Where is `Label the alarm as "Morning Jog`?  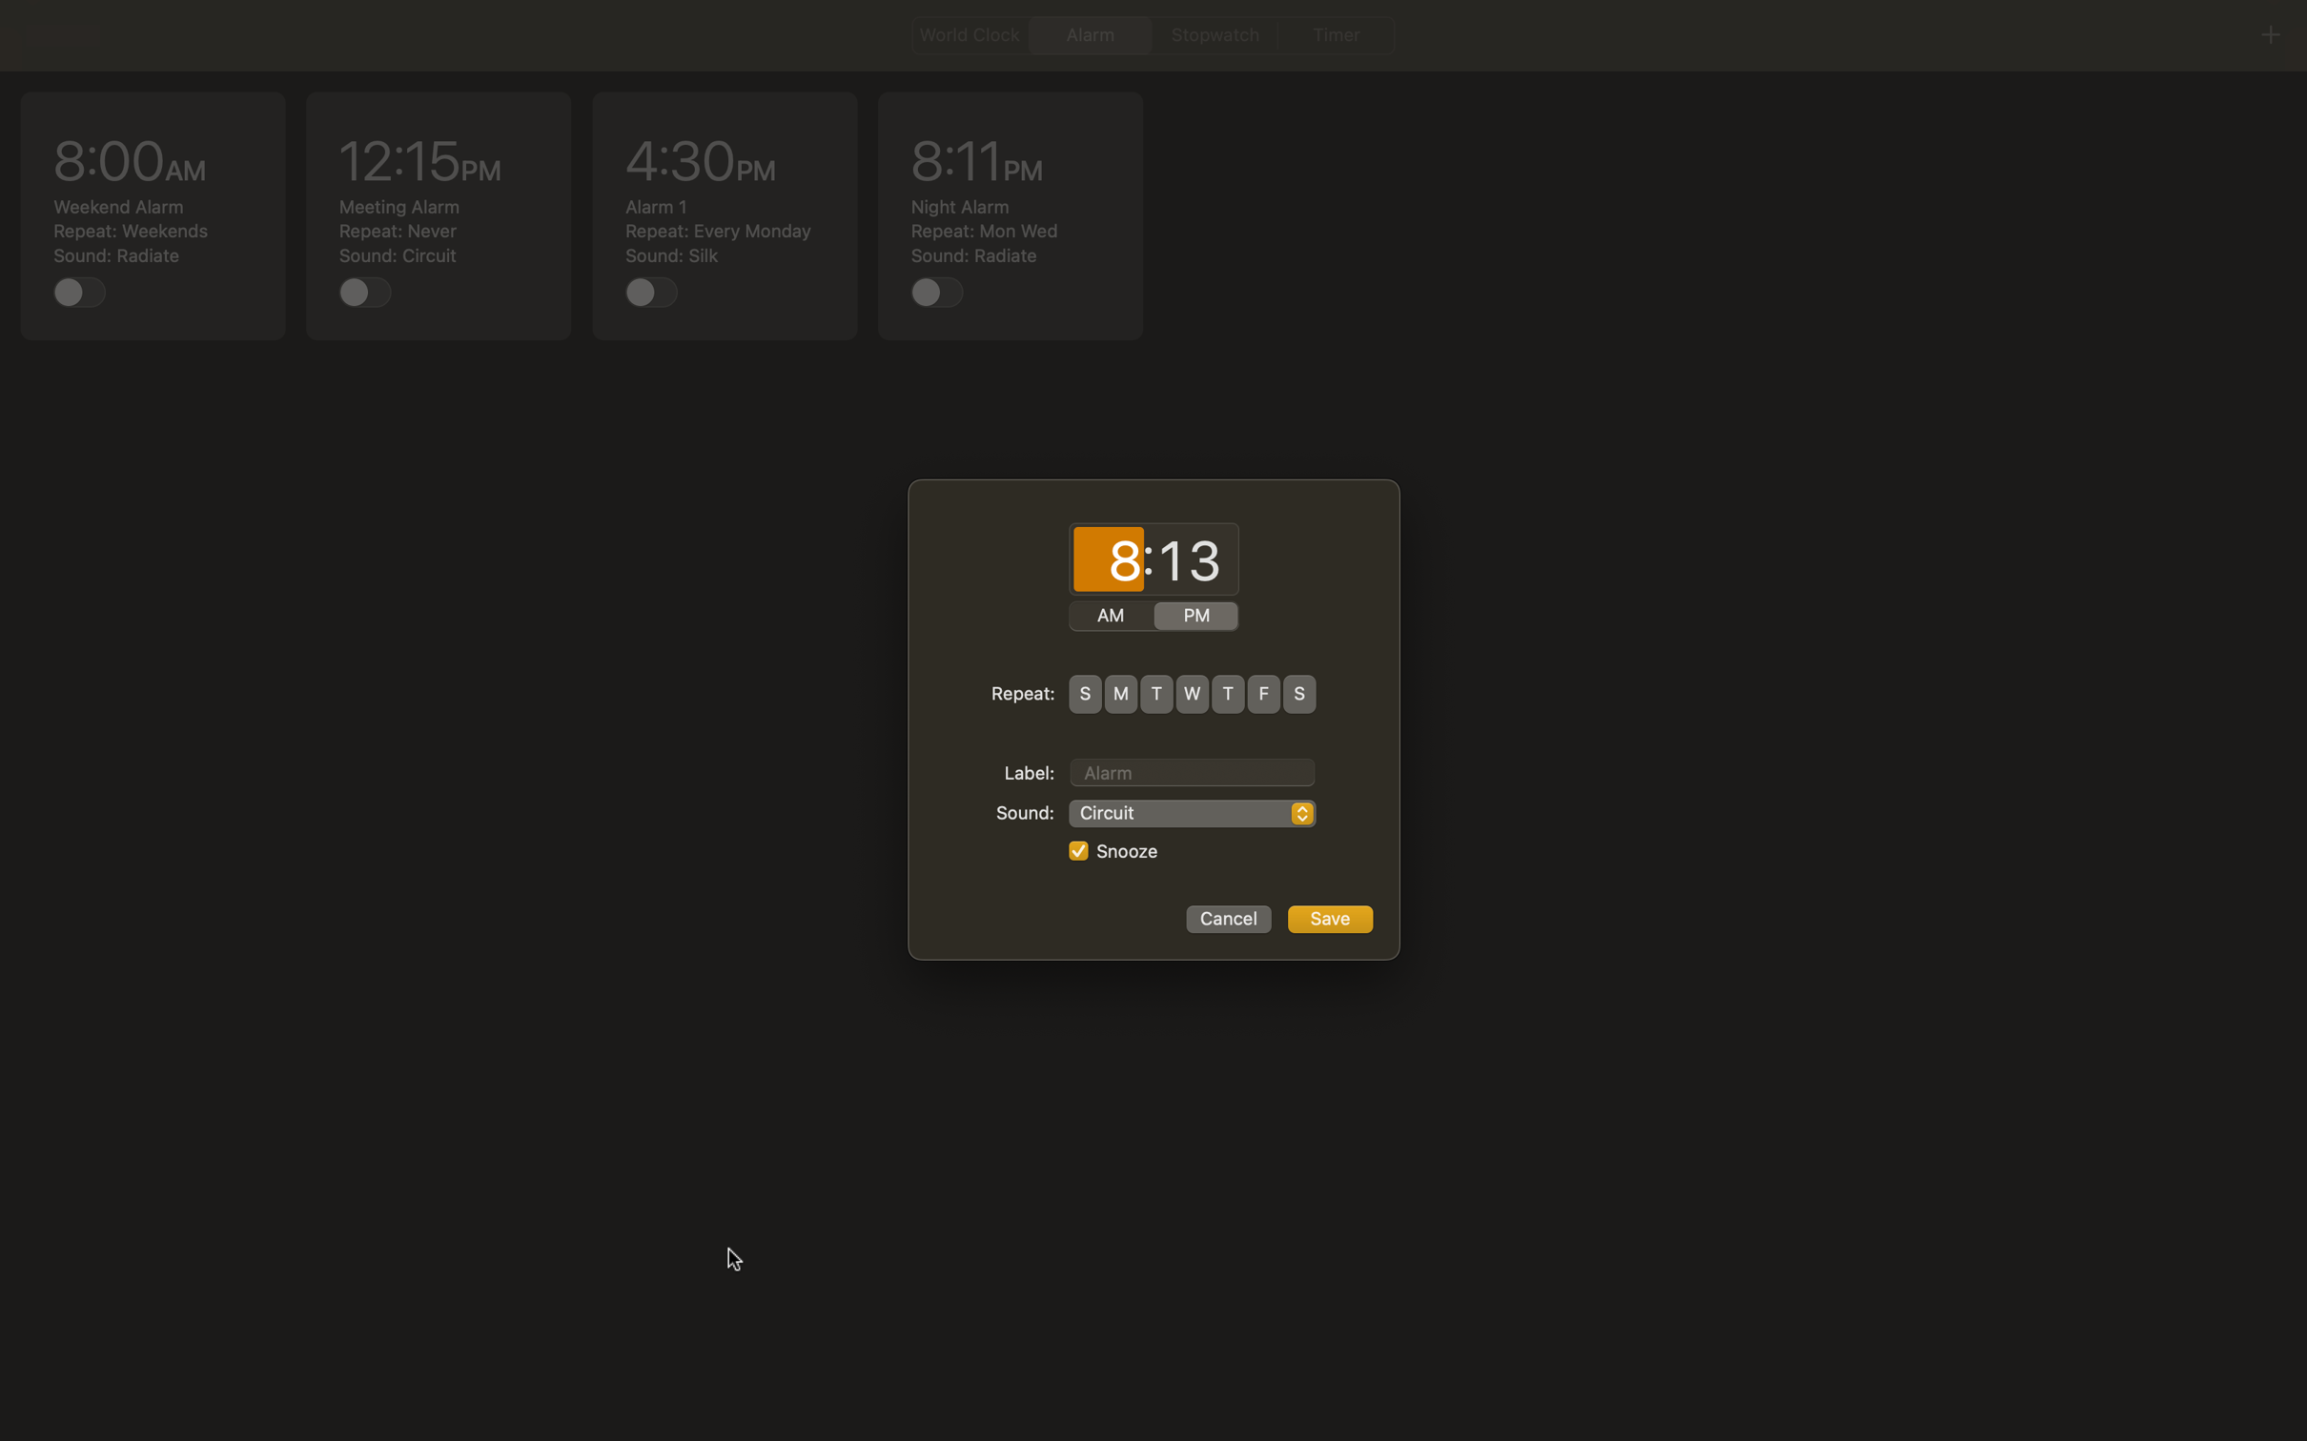
Label the alarm as "Morning Jog is located at coordinates (1192, 769).